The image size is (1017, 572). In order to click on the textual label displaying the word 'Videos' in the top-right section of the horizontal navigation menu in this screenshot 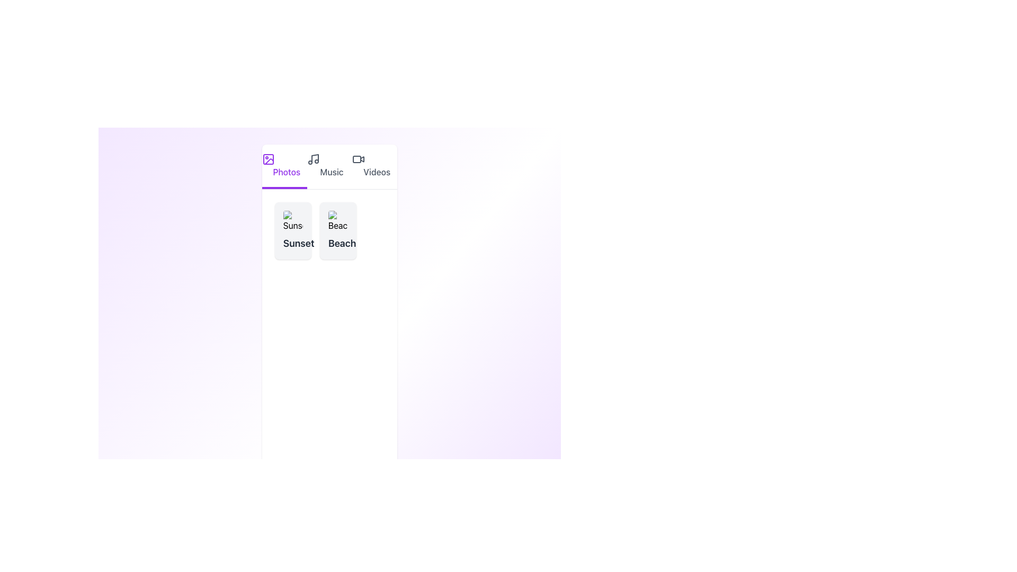, I will do `click(377, 171)`.